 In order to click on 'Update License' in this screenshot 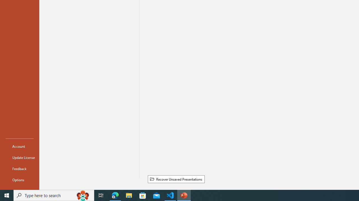, I will do `click(19, 157)`.